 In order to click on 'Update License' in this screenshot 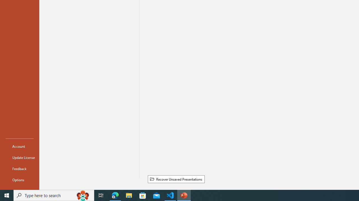, I will do `click(19, 157)`.